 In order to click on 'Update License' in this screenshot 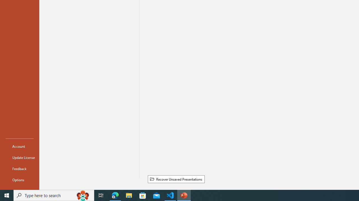, I will do `click(19, 157)`.